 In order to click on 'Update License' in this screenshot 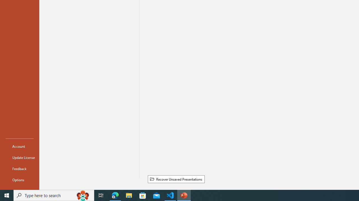, I will do `click(19, 157)`.